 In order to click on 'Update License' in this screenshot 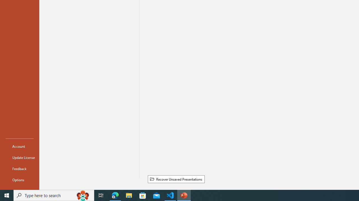, I will do `click(19, 157)`.